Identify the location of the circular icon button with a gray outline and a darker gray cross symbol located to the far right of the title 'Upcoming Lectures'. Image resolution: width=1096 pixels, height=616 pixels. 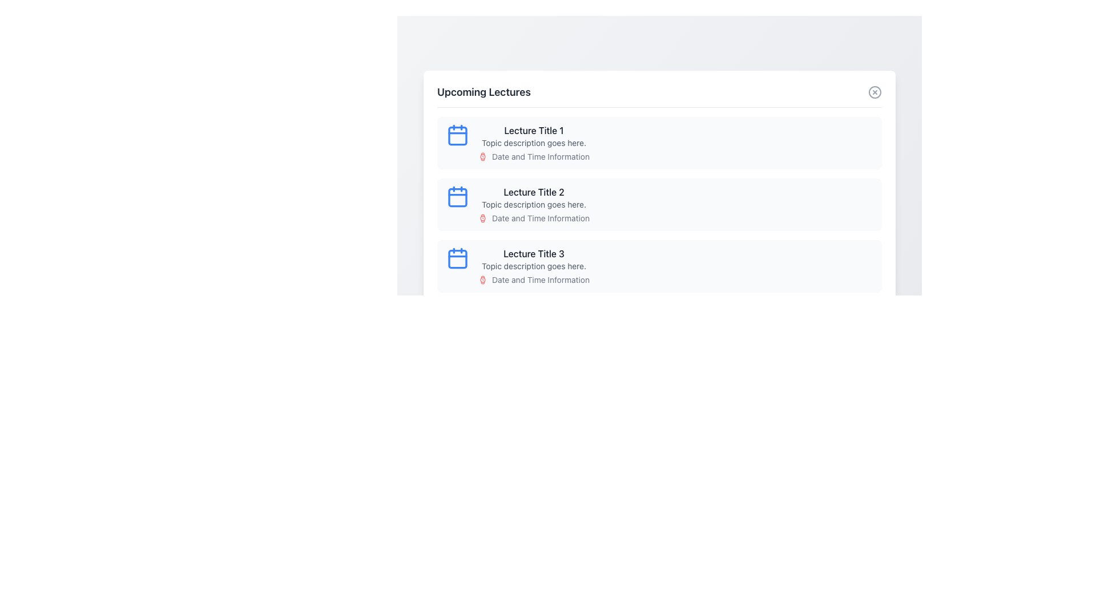
(875, 92).